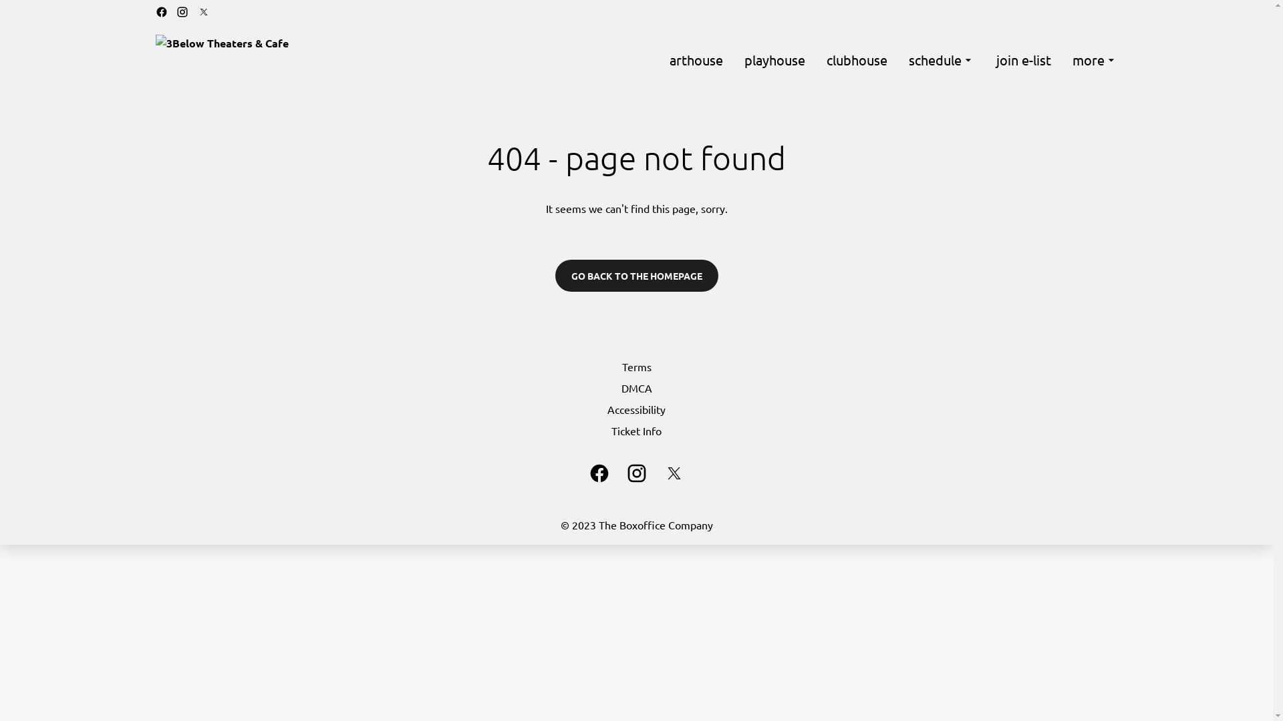 This screenshot has width=1283, height=721. I want to click on 'Accessibility', so click(635, 409).